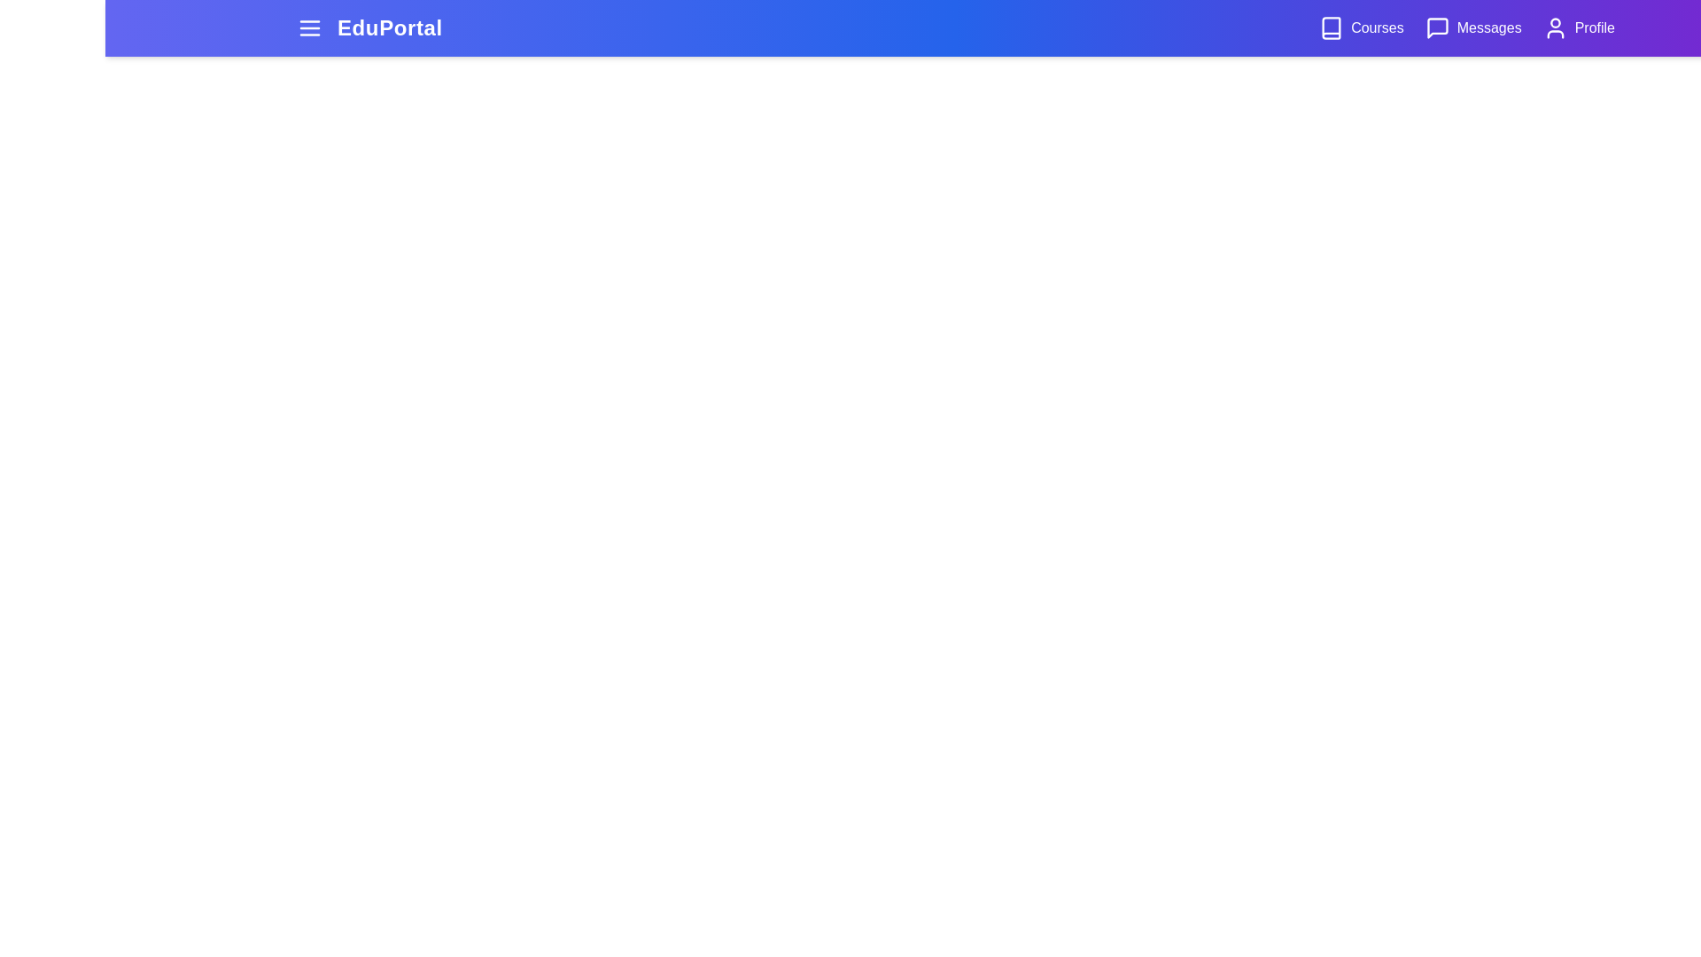  I want to click on the 'Profile' button to access the user profile, so click(1578, 27).